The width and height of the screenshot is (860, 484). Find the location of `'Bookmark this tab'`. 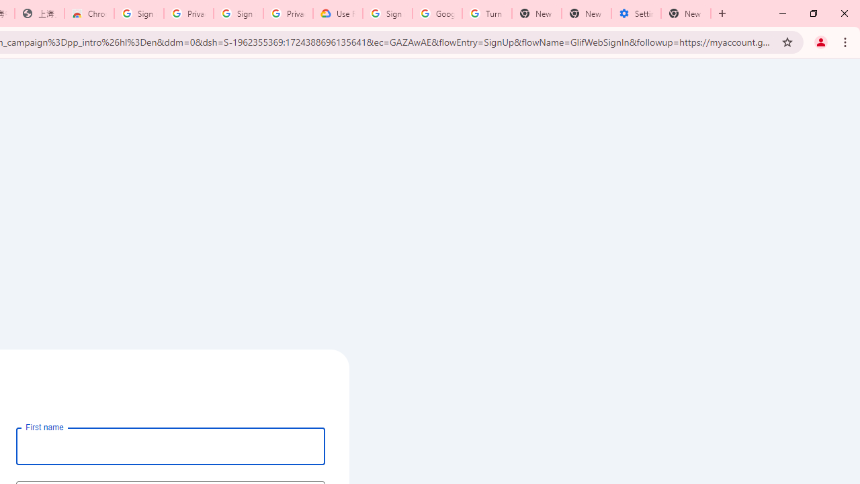

'Bookmark this tab' is located at coordinates (787, 41).